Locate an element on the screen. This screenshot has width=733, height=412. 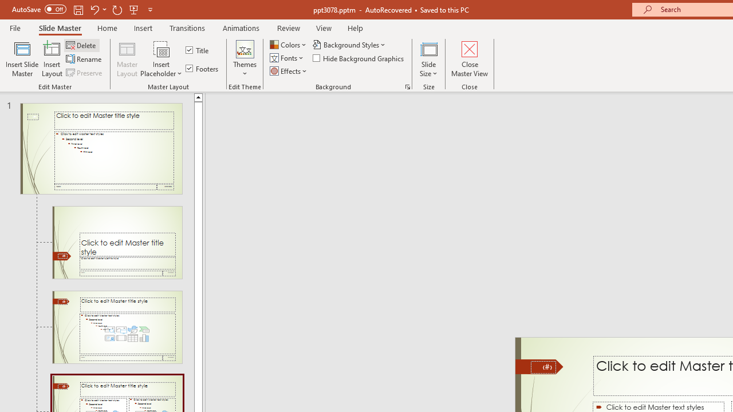
'Insert Placeholder' is located at coordinates (161, 59).